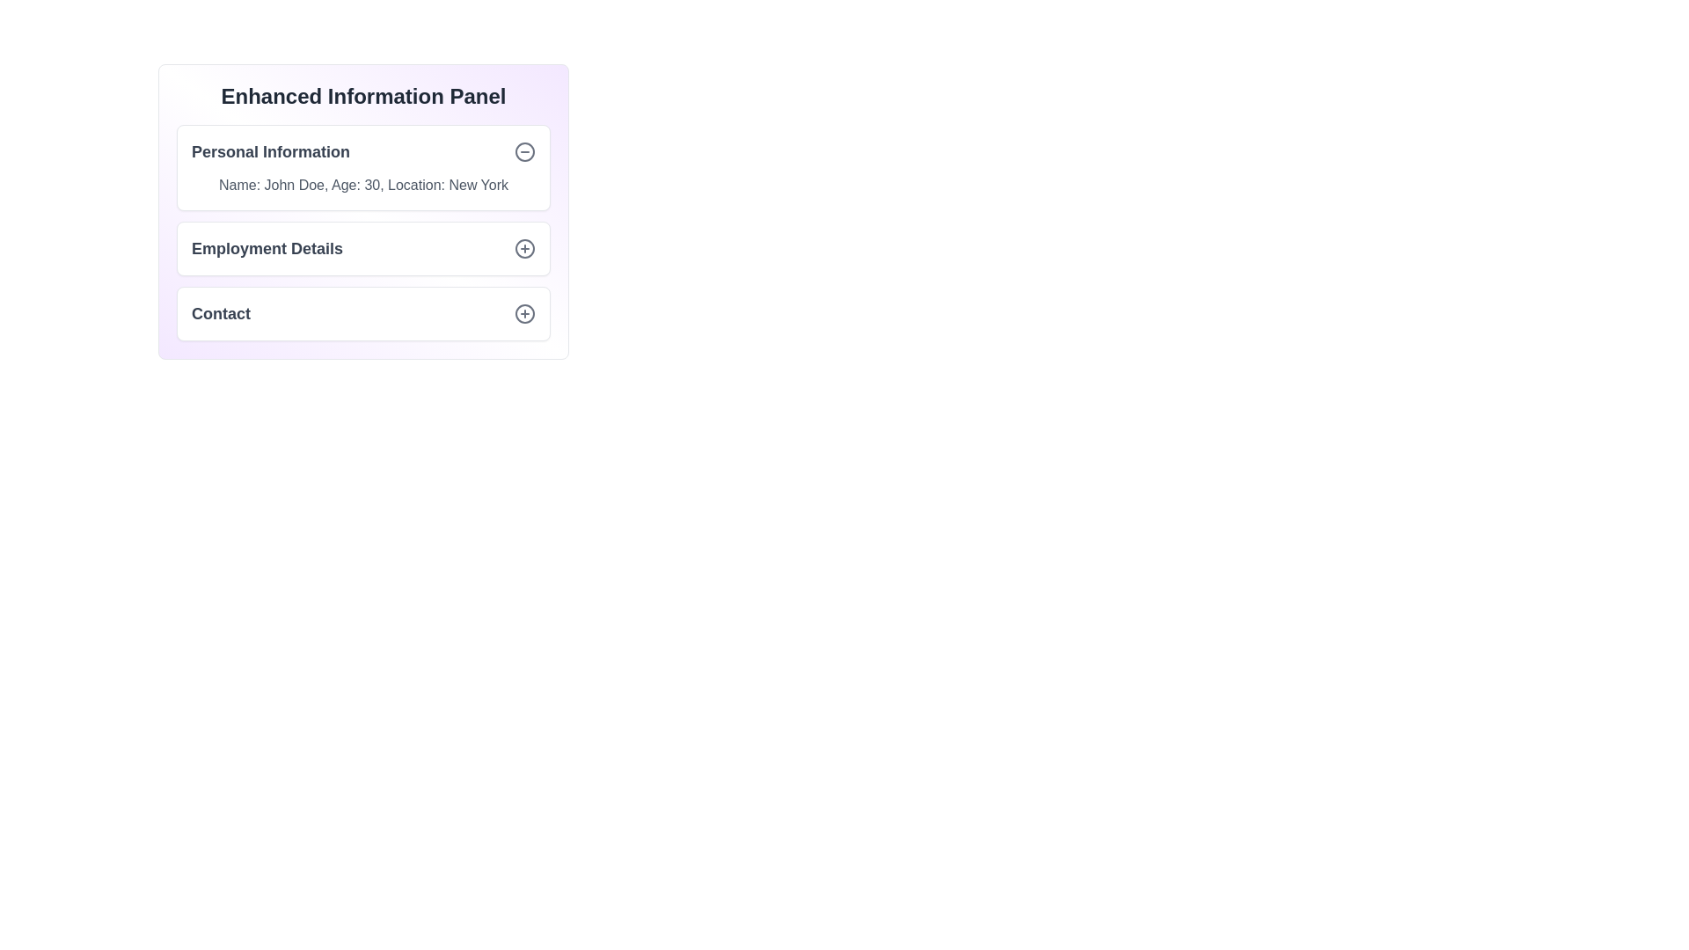 Image resolution: width=1689 pixels, height=950 pixels. I want to click on the circular button with a 'plus' symbol, so click(523, 313).